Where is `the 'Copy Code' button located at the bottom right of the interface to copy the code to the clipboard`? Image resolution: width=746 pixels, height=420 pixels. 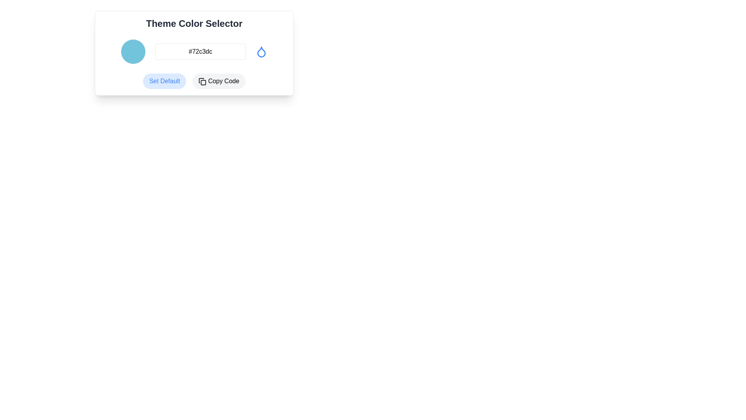
the 'Copy Code' button located at the bottom right of the interface to copy the code to the clipboard is located at coordinates (202, 81).